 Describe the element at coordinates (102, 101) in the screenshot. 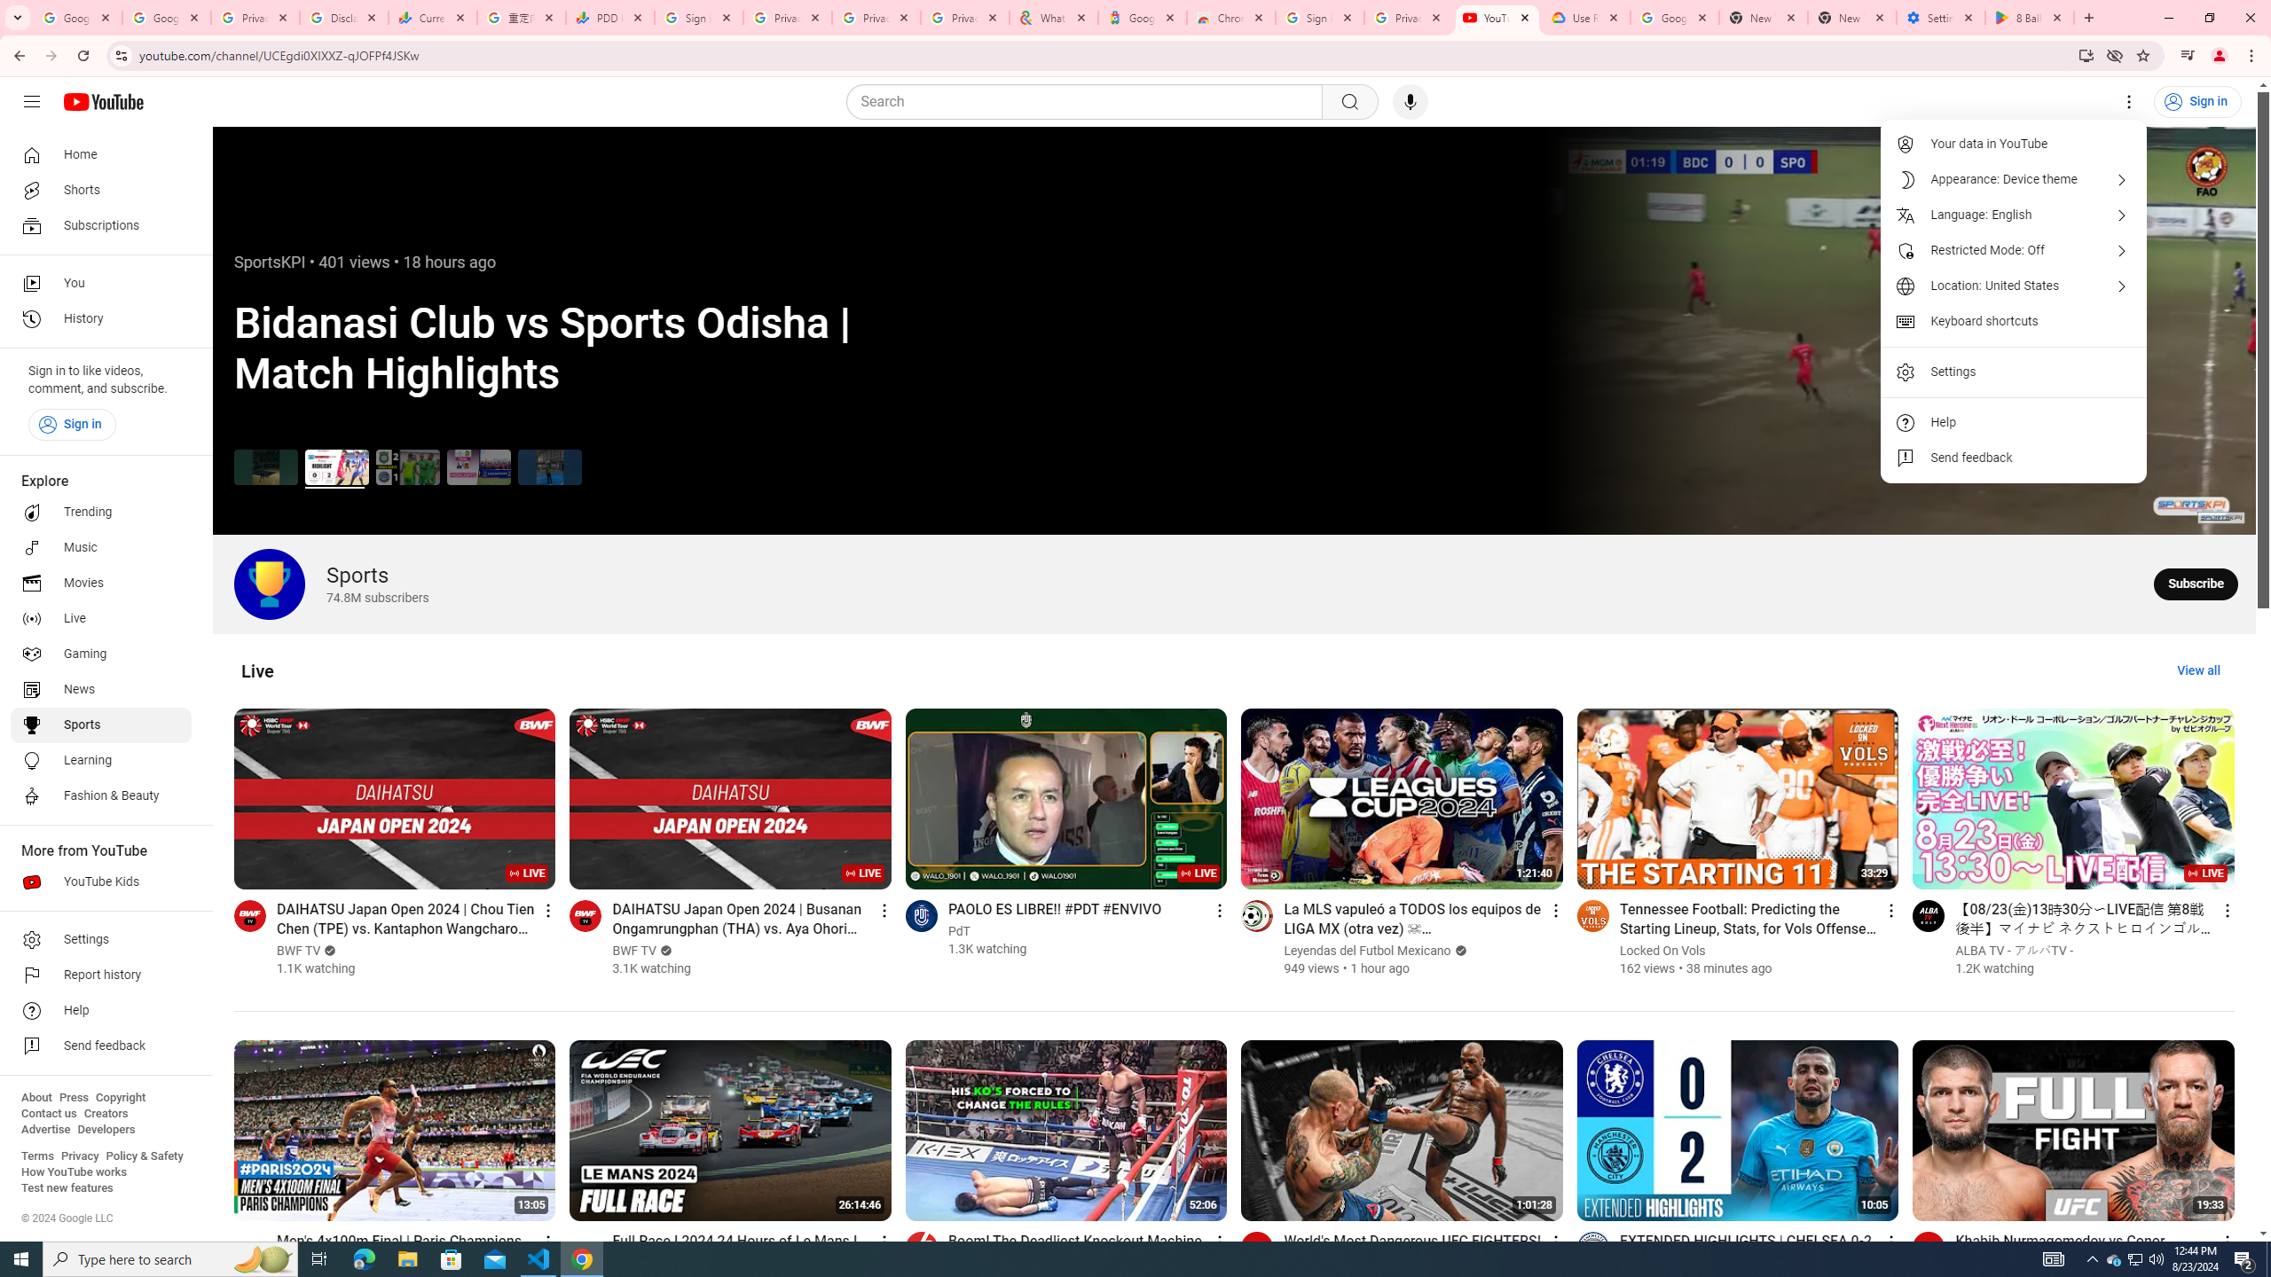

I see `'YouTube Home'` at that location.